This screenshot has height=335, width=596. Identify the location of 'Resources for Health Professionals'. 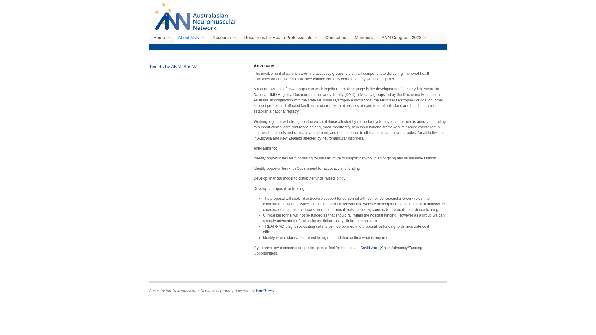
(280, 37).